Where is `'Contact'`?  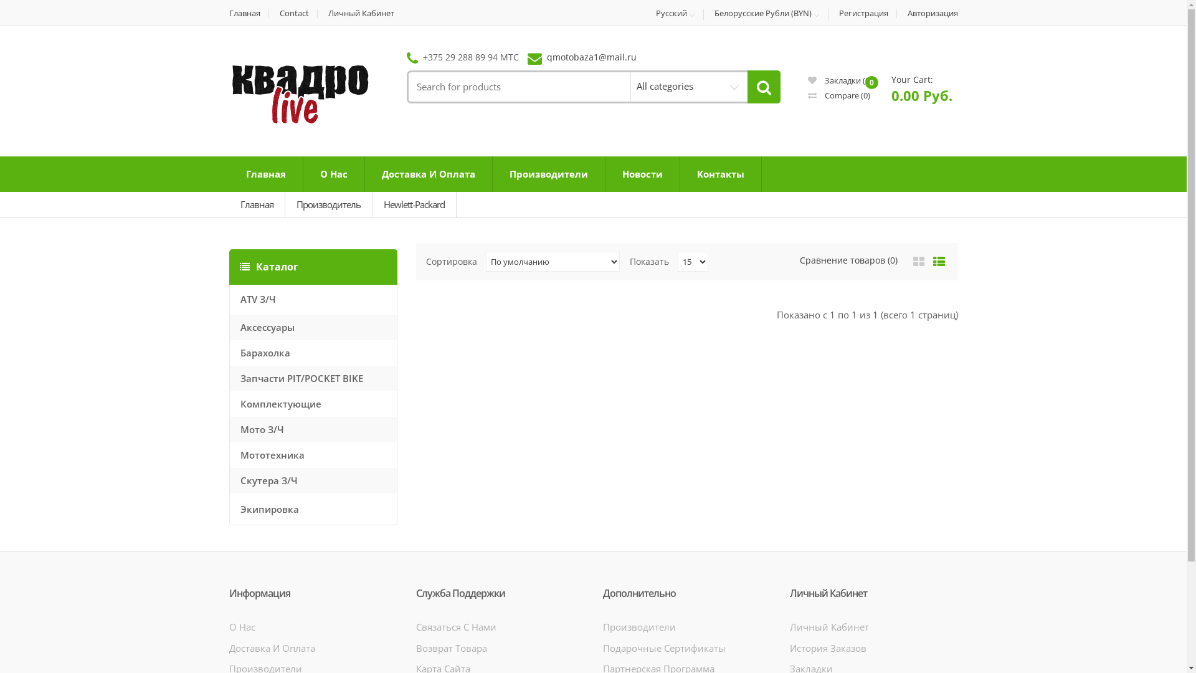 'Contact' is located at coordinates (294, 13).